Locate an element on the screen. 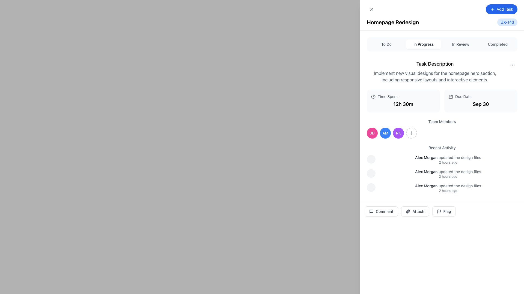 This screenshot has width=524, height=294. the comments icon located in the lower part of the interface is located at coordinates (371, 211).